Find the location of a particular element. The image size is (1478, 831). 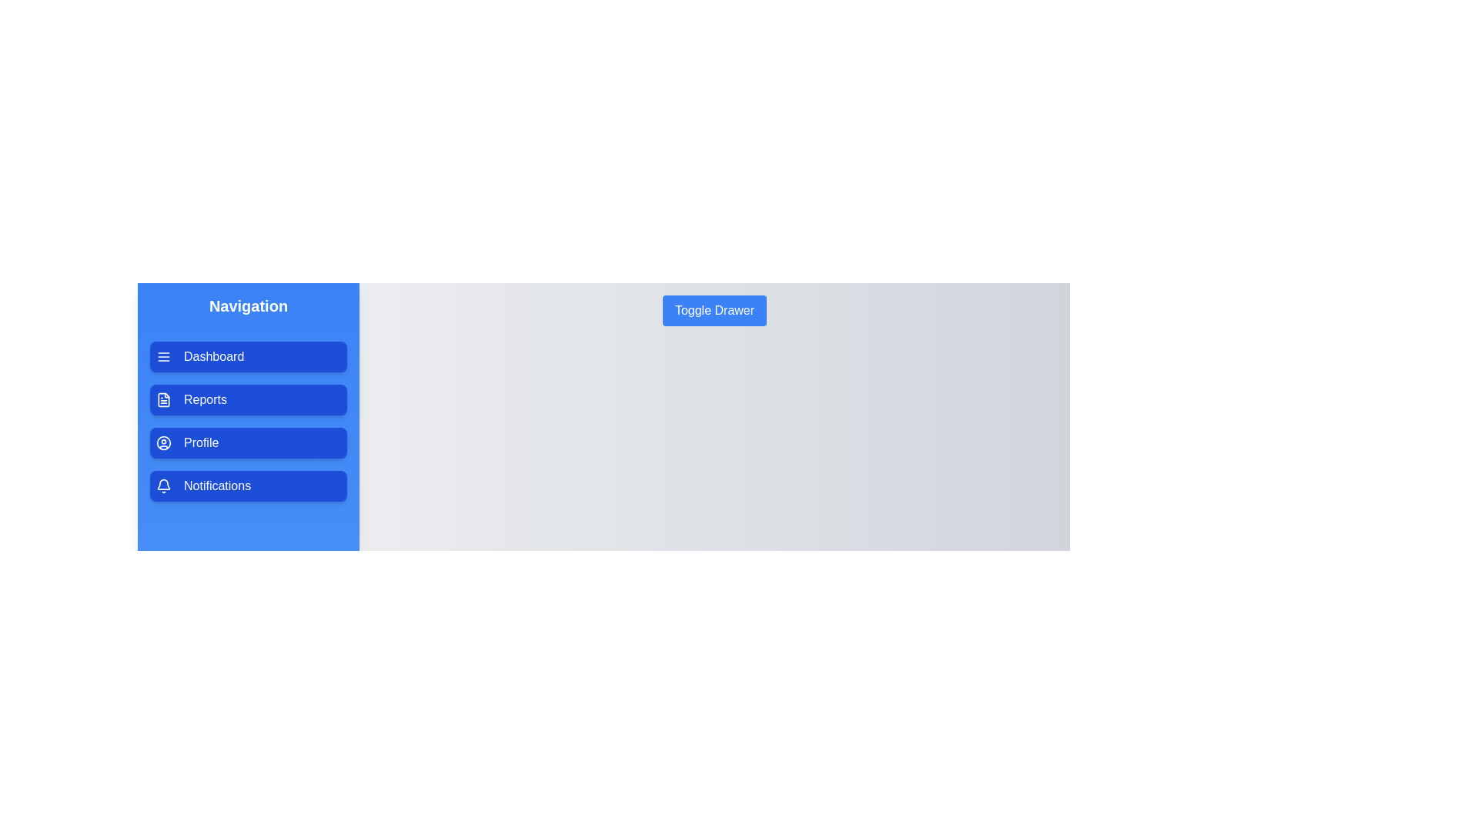

the menu item labeled Dashboard to select it is located at coordinates (248, 356).